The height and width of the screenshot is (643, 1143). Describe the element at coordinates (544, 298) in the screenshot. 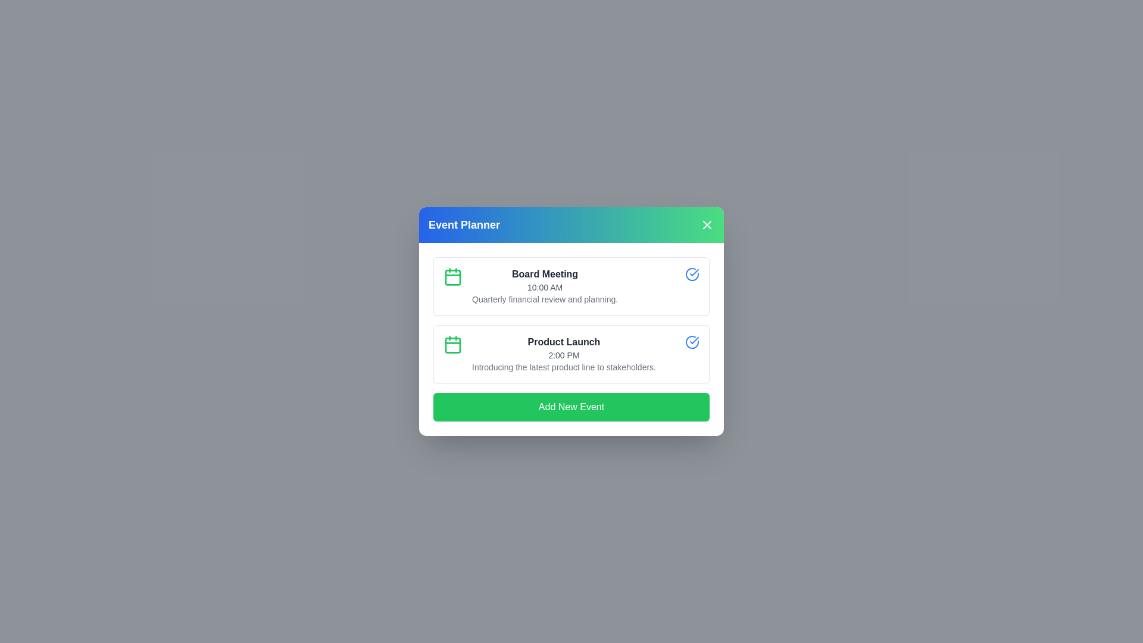

I see `text content of the static label displaying 'Quarterly financial review and planning.' located below the title 'Board Meeting' and timestamp '10:00 AM' in the 'Event Planner' panel` at that location.